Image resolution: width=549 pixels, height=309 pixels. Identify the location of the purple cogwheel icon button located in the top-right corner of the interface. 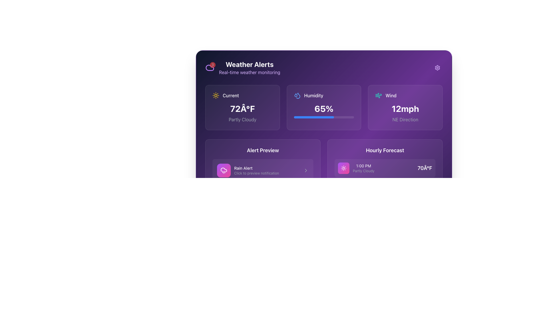
(437, 67).